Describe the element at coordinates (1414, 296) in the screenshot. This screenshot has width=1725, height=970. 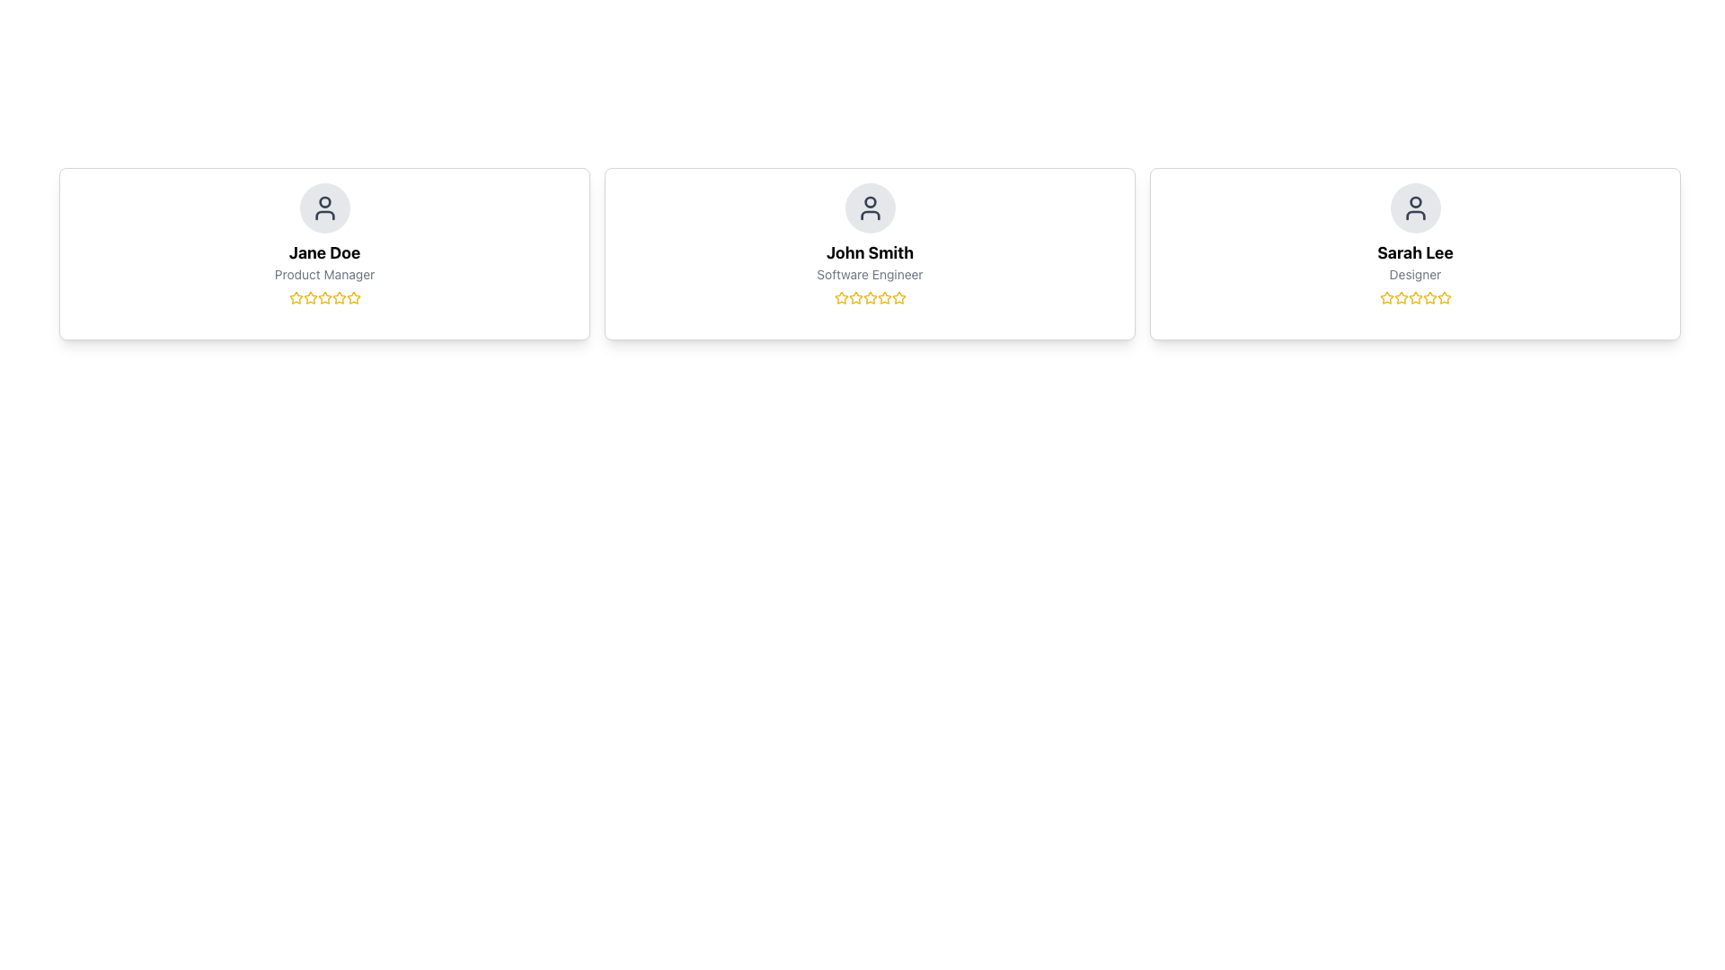
I see `the second Rating Star Icon to rate it, located below the profile details of Sarah Lee, Designer, in the rightmost card of three horizontally aligned user profile cards` at that location.